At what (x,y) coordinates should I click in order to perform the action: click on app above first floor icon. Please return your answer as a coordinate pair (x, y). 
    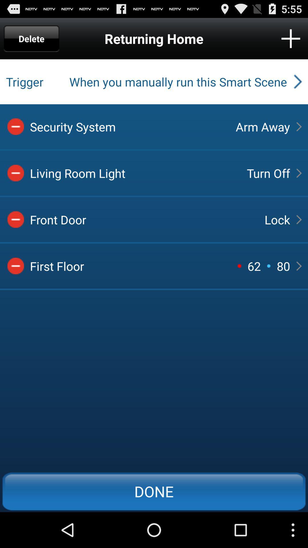
    Looking at the image, I should click on (142, 219).